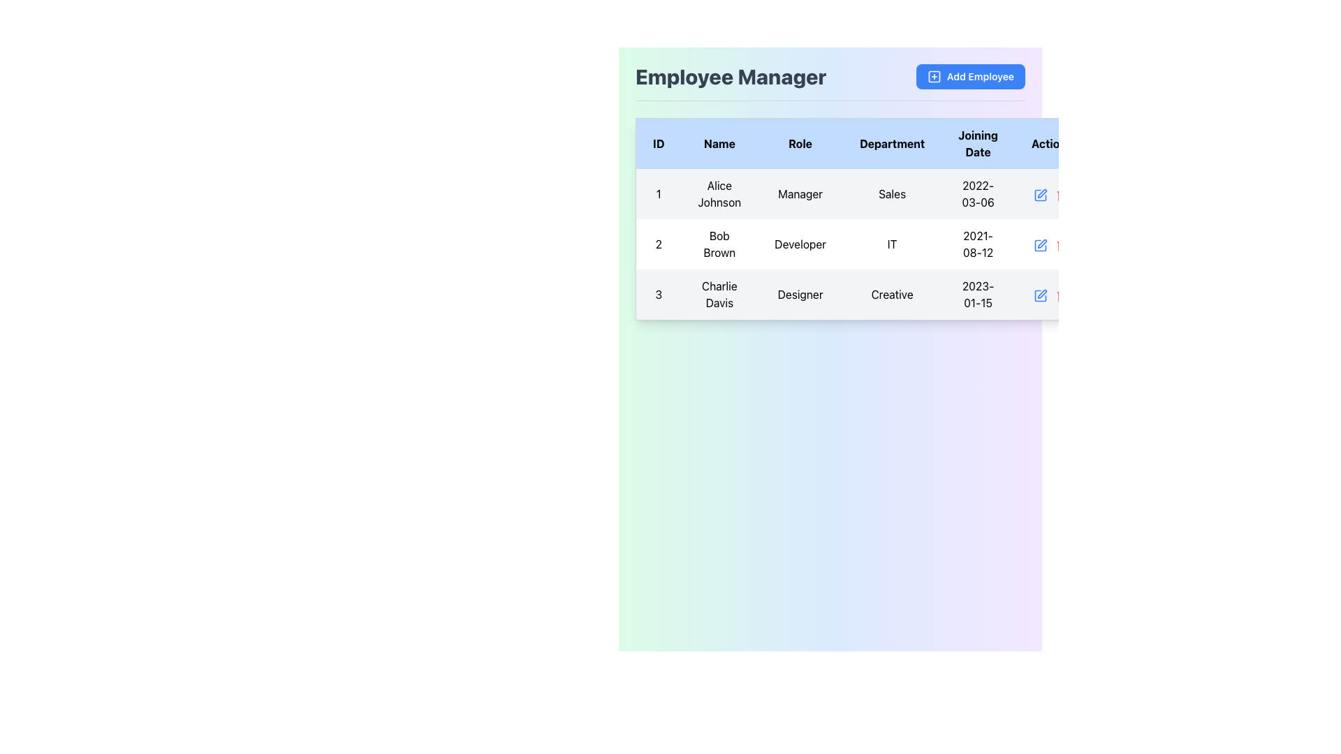  I want to click on the pen-like icon representing the editing action in the 'Action' column of the second row in the 'Employee Manager' table, so click(1042, 243).